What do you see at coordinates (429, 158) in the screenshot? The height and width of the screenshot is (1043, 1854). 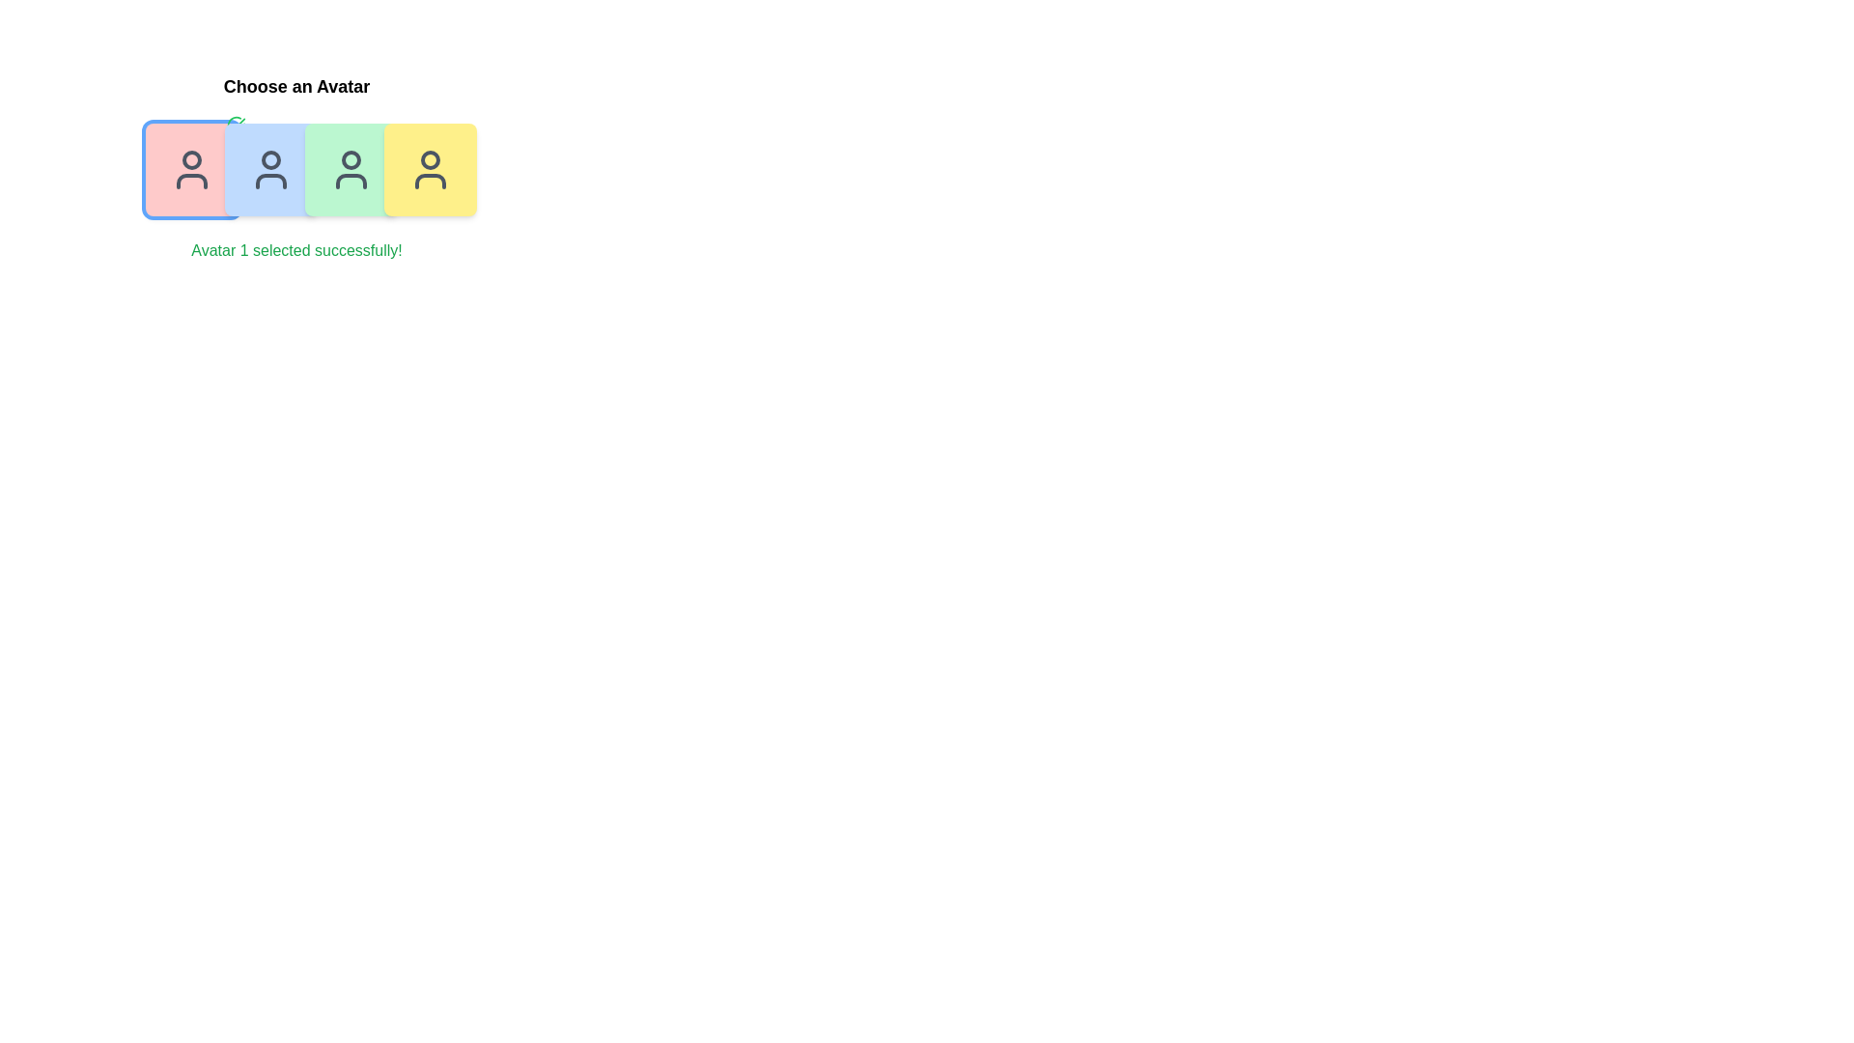 I see `the small circular shape located in the upper region of a yellow box, which is part of the selectable avatar options` at bounding box center [429, 158].